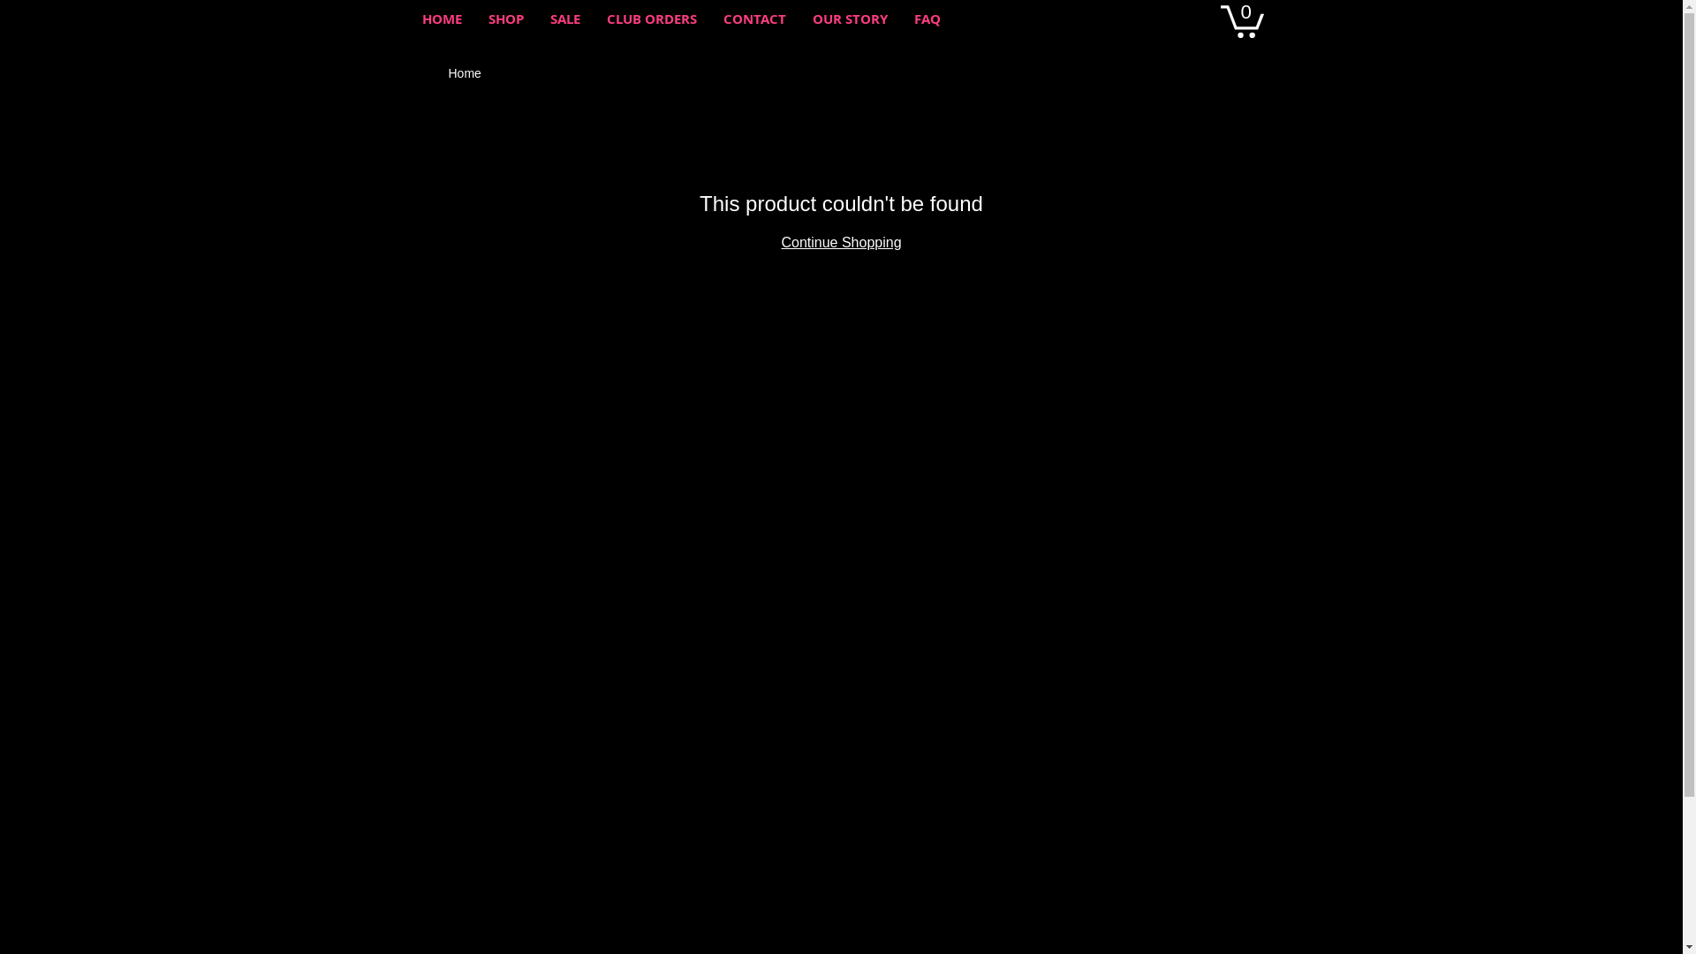  I want to click on 'SHOP', so click(504, 19).